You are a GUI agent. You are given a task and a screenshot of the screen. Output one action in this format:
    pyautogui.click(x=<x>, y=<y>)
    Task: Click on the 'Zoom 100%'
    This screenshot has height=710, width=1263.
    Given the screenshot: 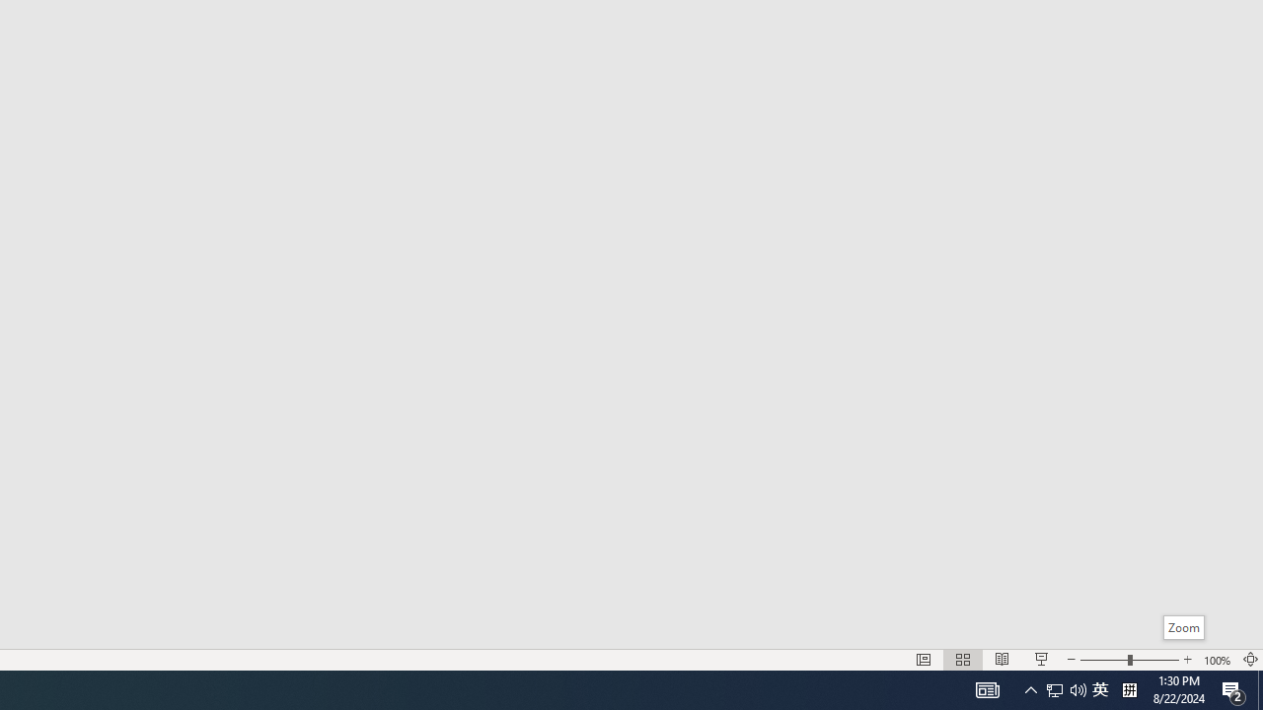 What is the action you would take?
    pyautogui.click(x=1217, y=660)
    